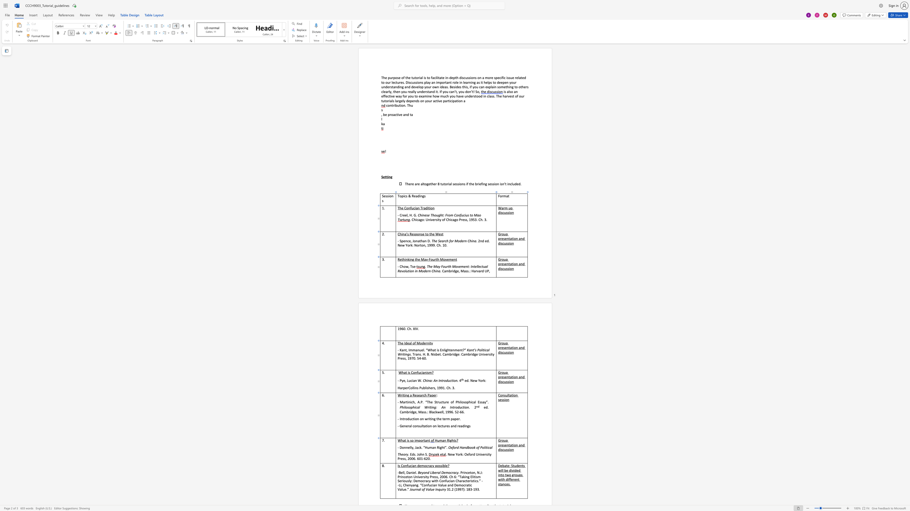 This screenshot has width=910, height=511. Describe the element at coordinates (423, 412) in the screenshot. I see `the space between the continuous character "a" and "s" in the text` at that location.